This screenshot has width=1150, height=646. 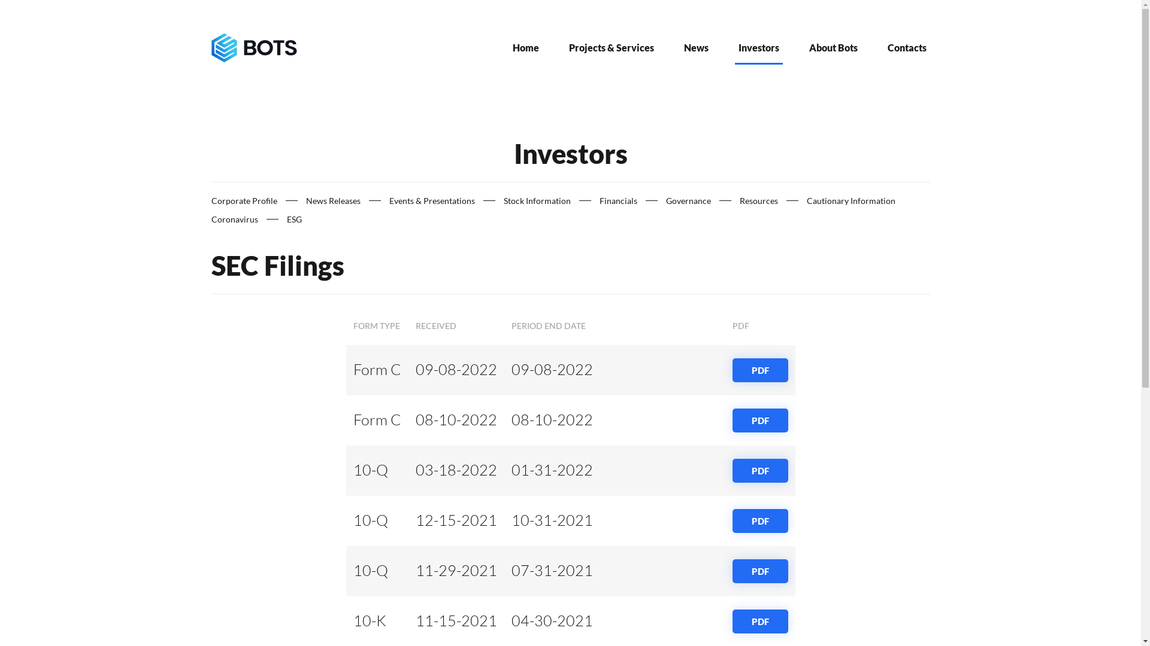 I want to click on 'Home', so click(x=526, y=47).